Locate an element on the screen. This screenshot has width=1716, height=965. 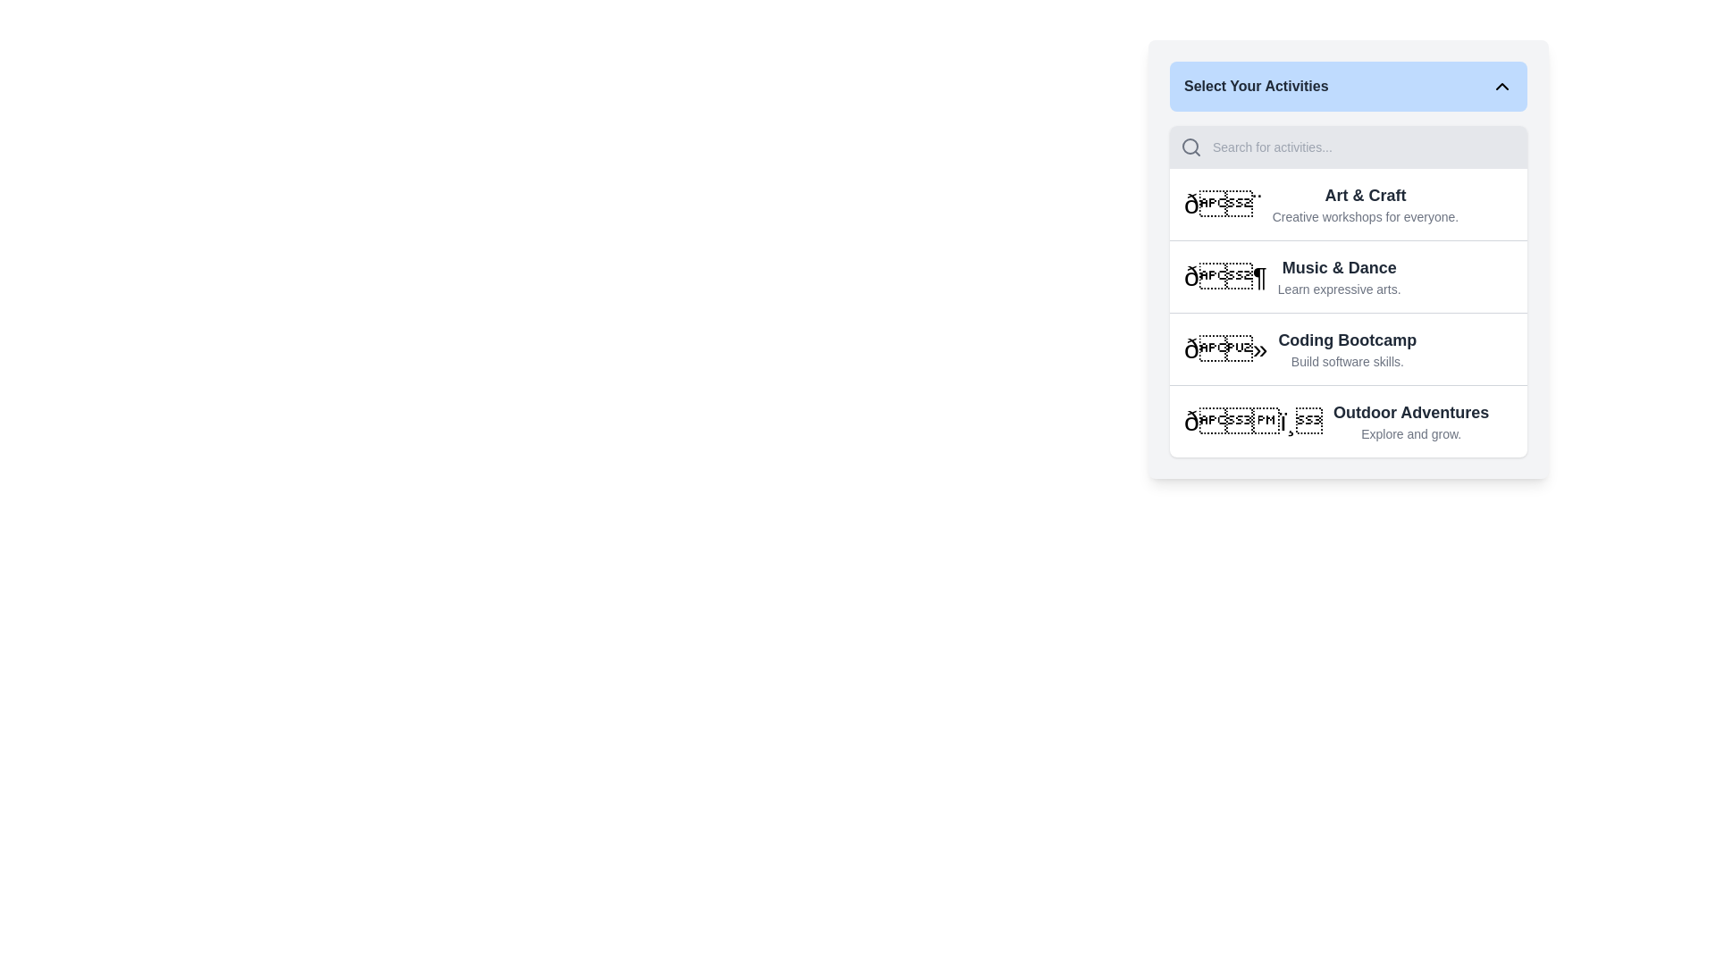
the list item with the bold text 'Outdoor Adventures' located in the bottom section of the vertical list under 'Select Your Activities.' is located at coordinates (1348, 421).